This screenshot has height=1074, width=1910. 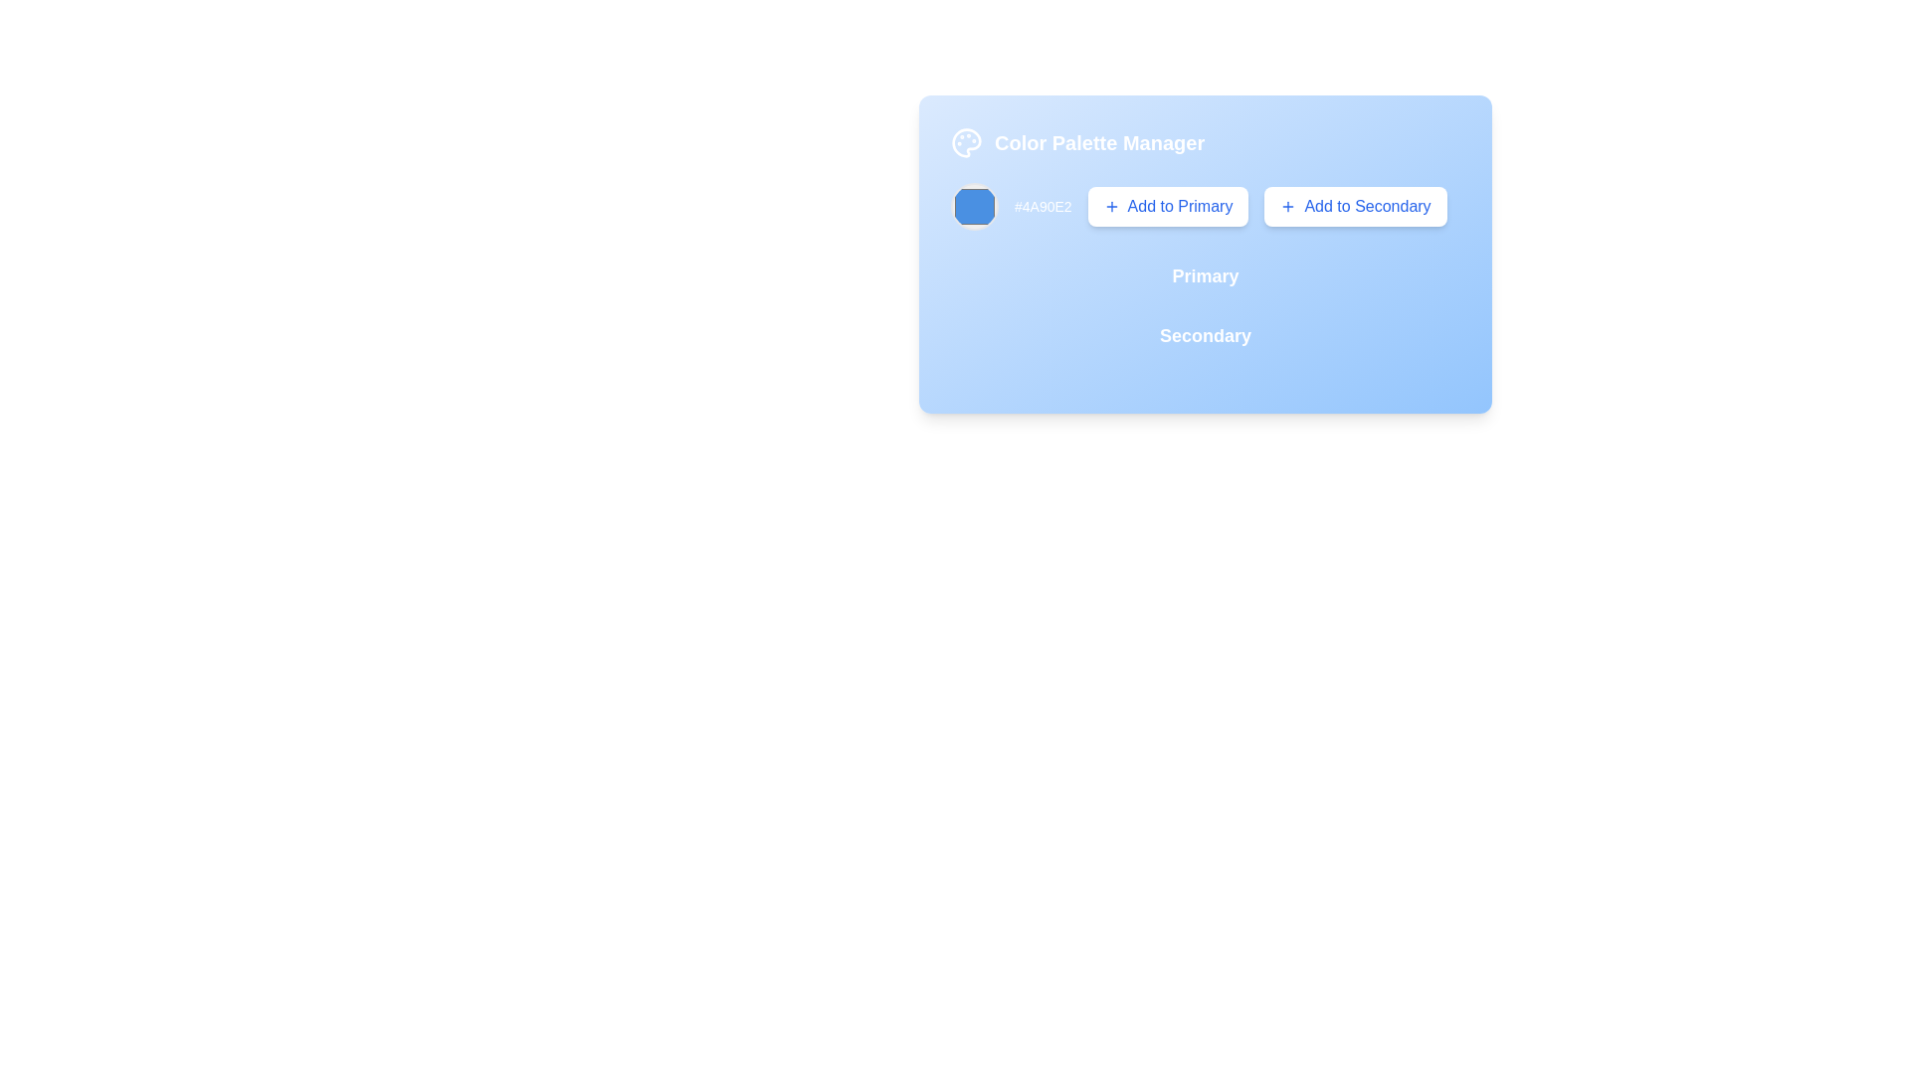 I want to click on the button that allows users to add the selected color to the 'Secondary' category, located in the 'Color Palette Manager' card, next to the 'Add to Primary' button, so click(x=1355, y=207).